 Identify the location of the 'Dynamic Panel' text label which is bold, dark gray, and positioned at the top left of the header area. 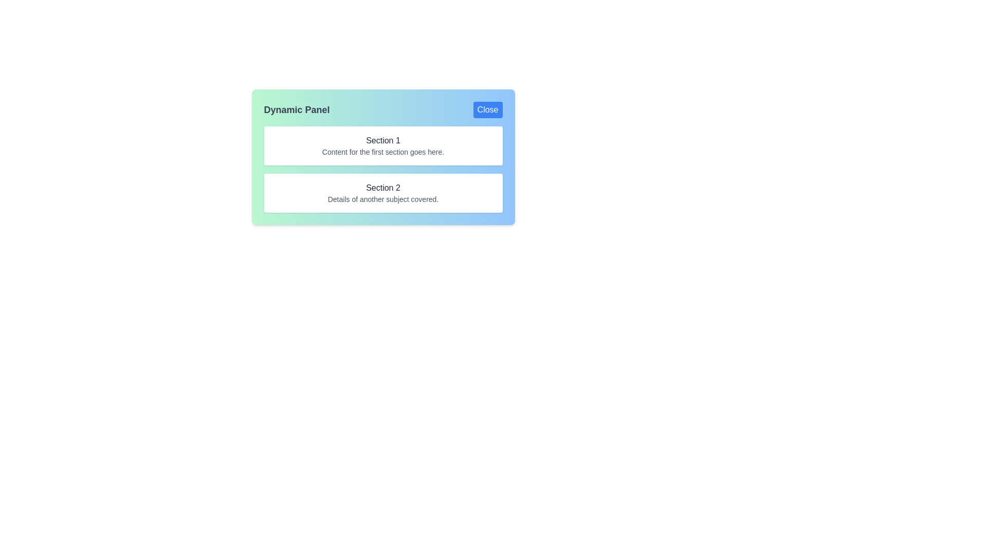
(296, 109).